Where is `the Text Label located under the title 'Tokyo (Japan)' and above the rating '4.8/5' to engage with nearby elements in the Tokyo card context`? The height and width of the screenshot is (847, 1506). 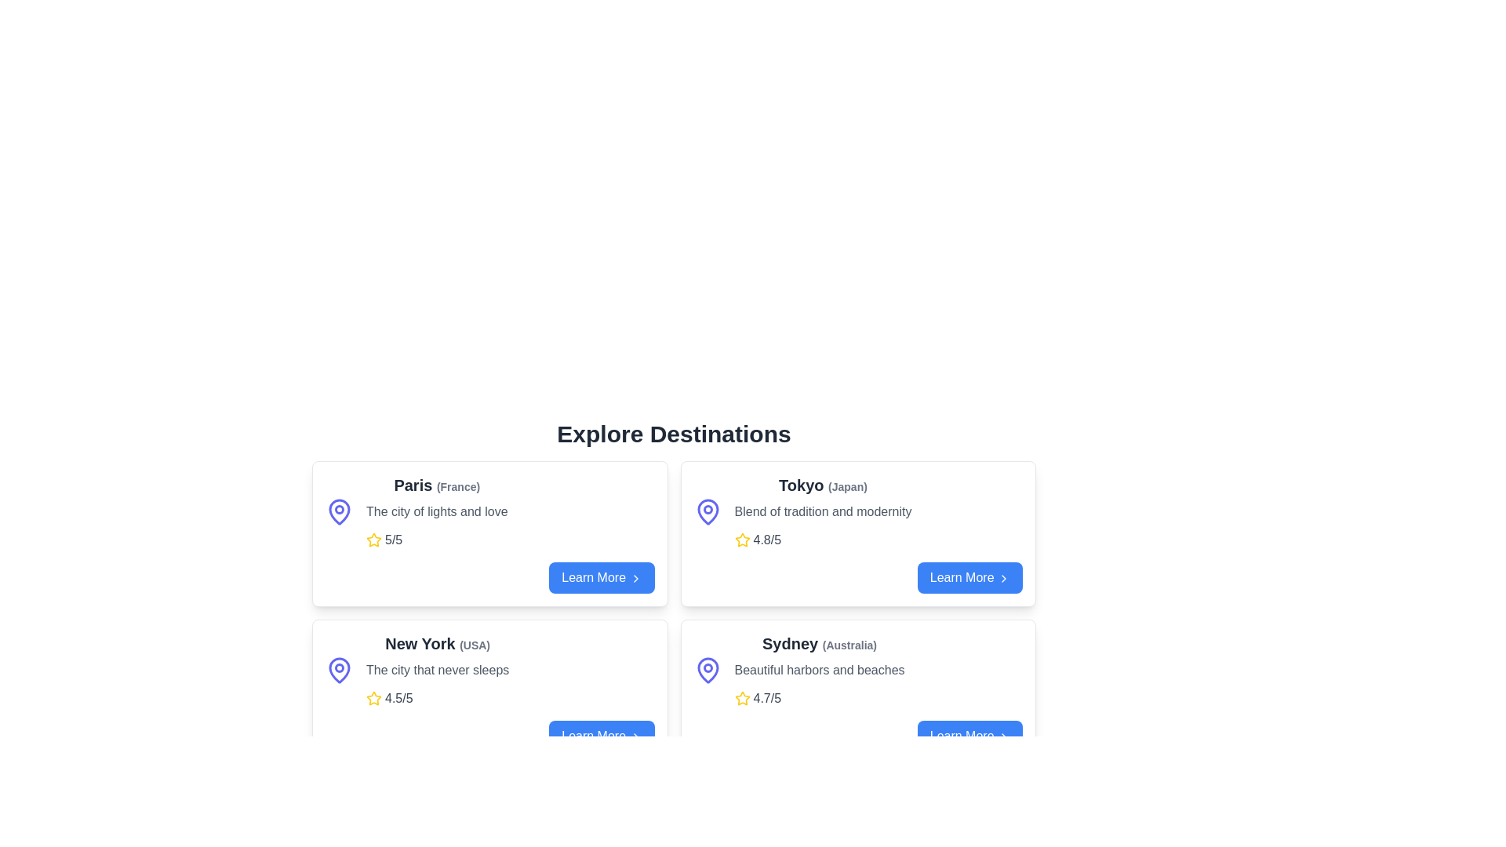
the Text Label located under the title 'Tokyo (Japan)' and above the rating '4.8/5' to engage with nearby elements in the Tokyo card context is located at coordinates (822, 511).